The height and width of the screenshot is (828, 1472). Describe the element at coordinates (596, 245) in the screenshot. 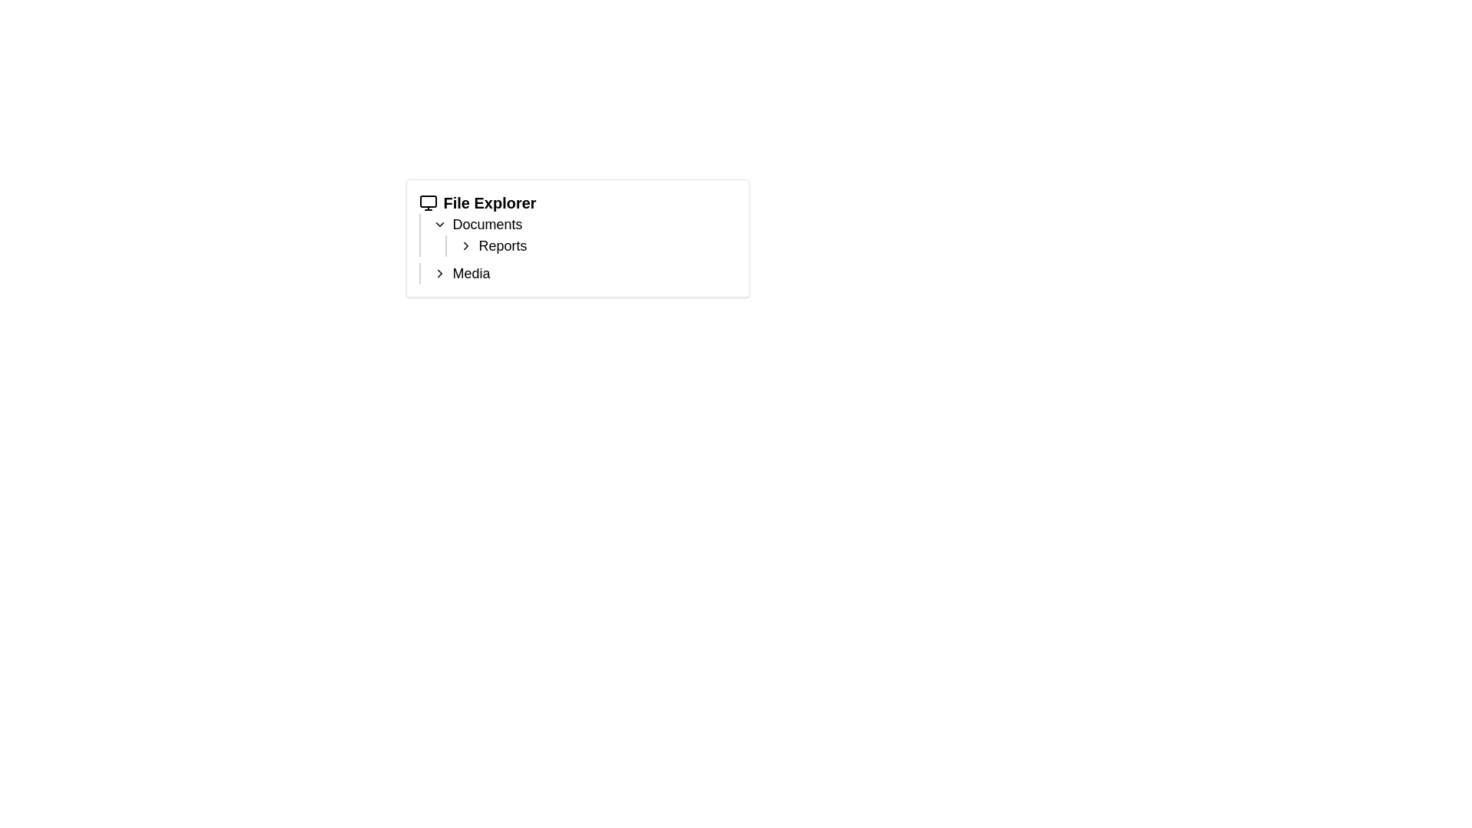

I see `the interactive link for 'Reports' located as the second item in the 'File Explorer' section, positioned below 'Documents' and above 'Media'` at that location.